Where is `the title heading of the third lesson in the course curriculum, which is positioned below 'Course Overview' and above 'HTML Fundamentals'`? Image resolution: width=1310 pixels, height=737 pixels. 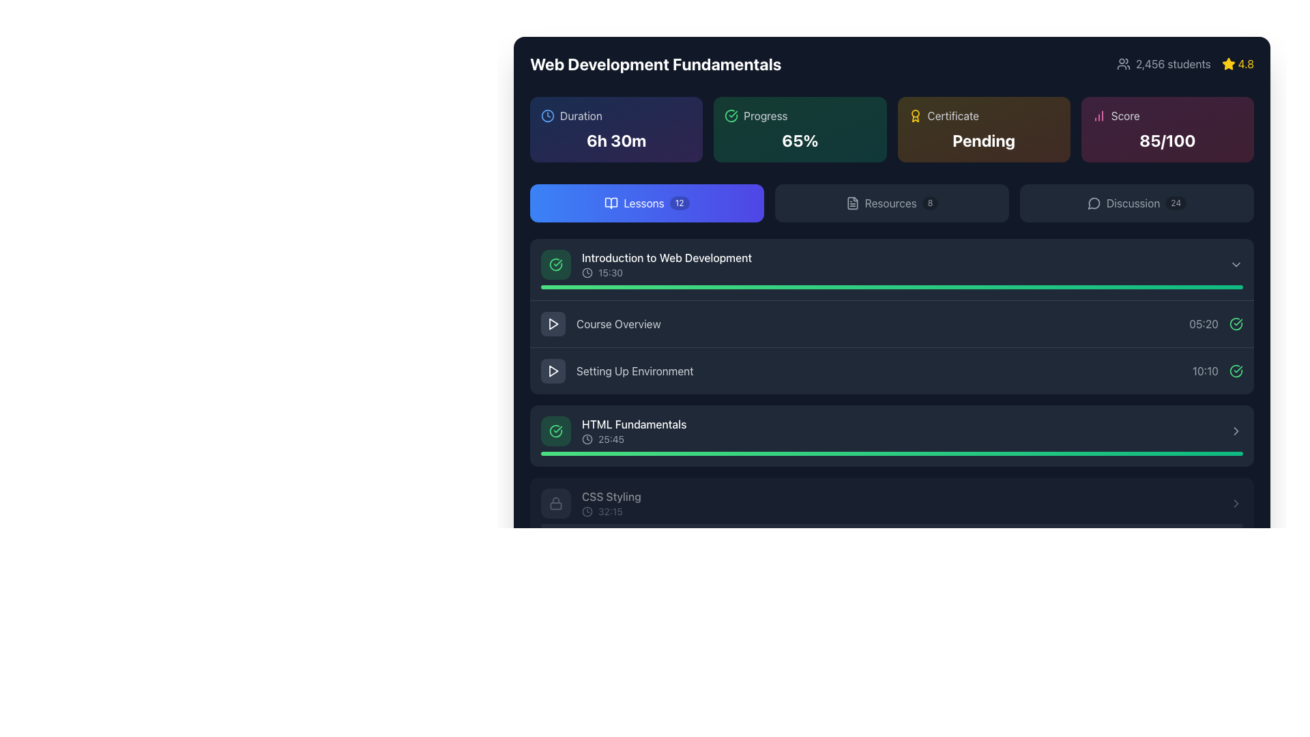
the title heading of the third lesson in the course curriculum, which is positioned below 'Course Overview' and above 'HTML Fundamentals' is located at coordinates (616, 371).